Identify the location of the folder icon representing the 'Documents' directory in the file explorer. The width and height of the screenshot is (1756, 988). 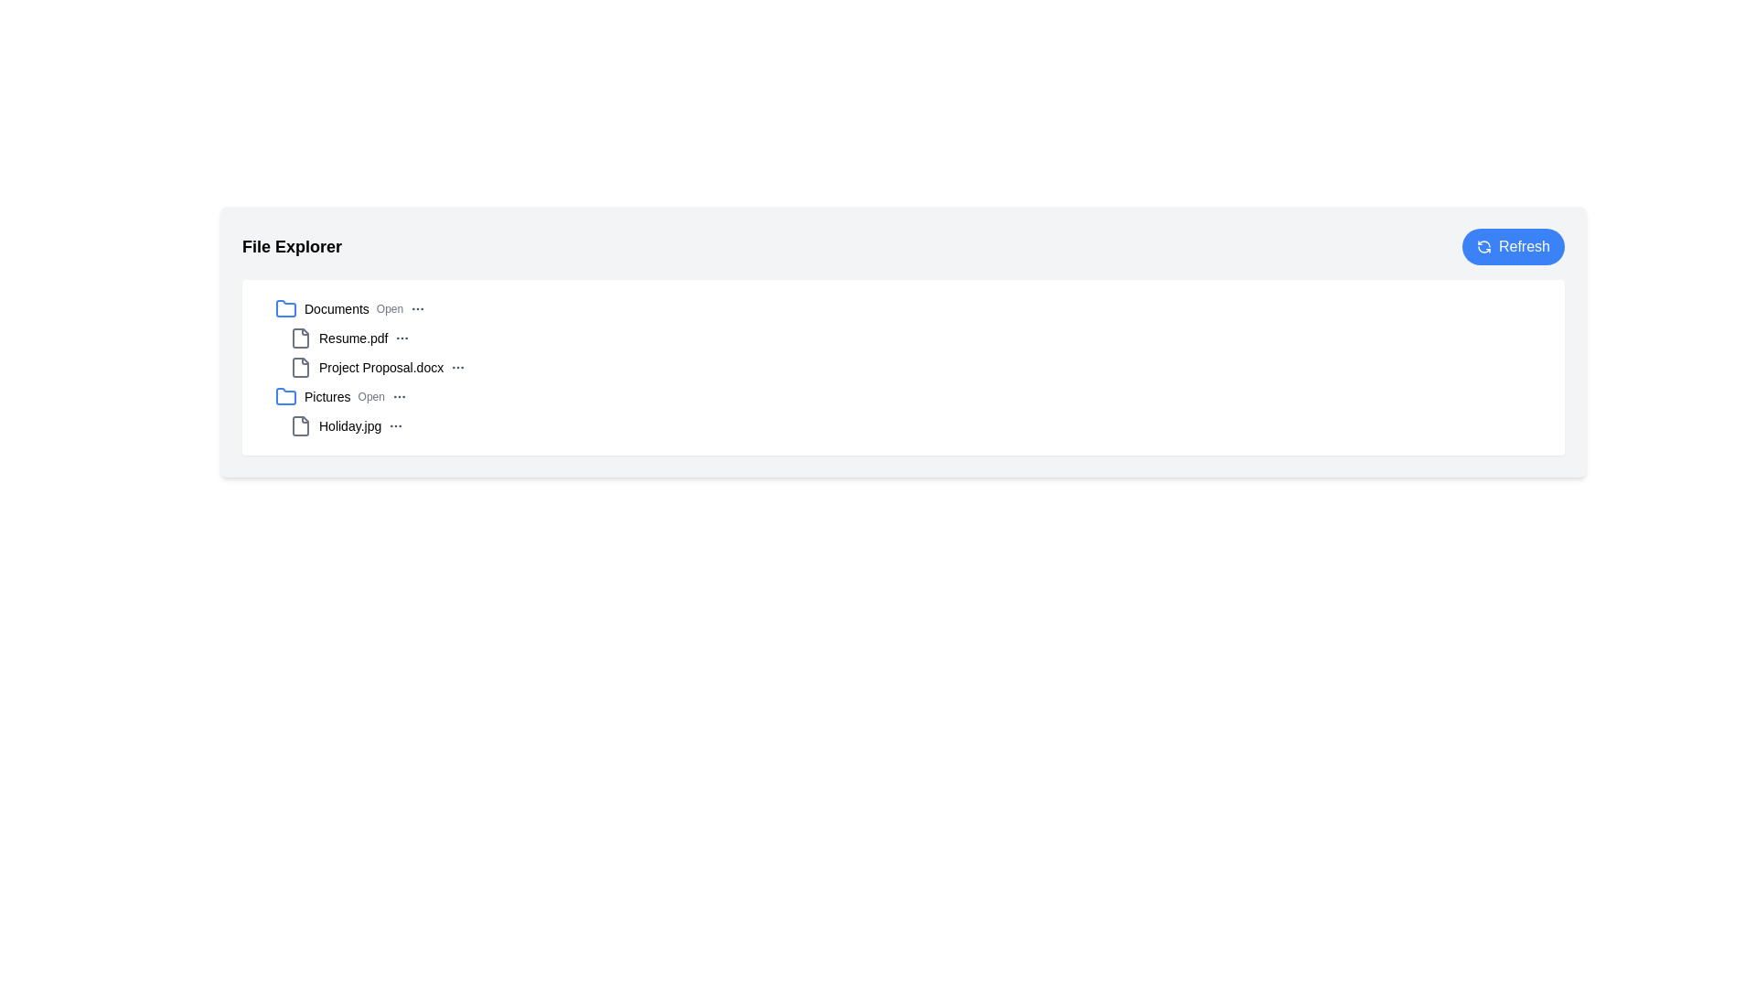
(284, 307).